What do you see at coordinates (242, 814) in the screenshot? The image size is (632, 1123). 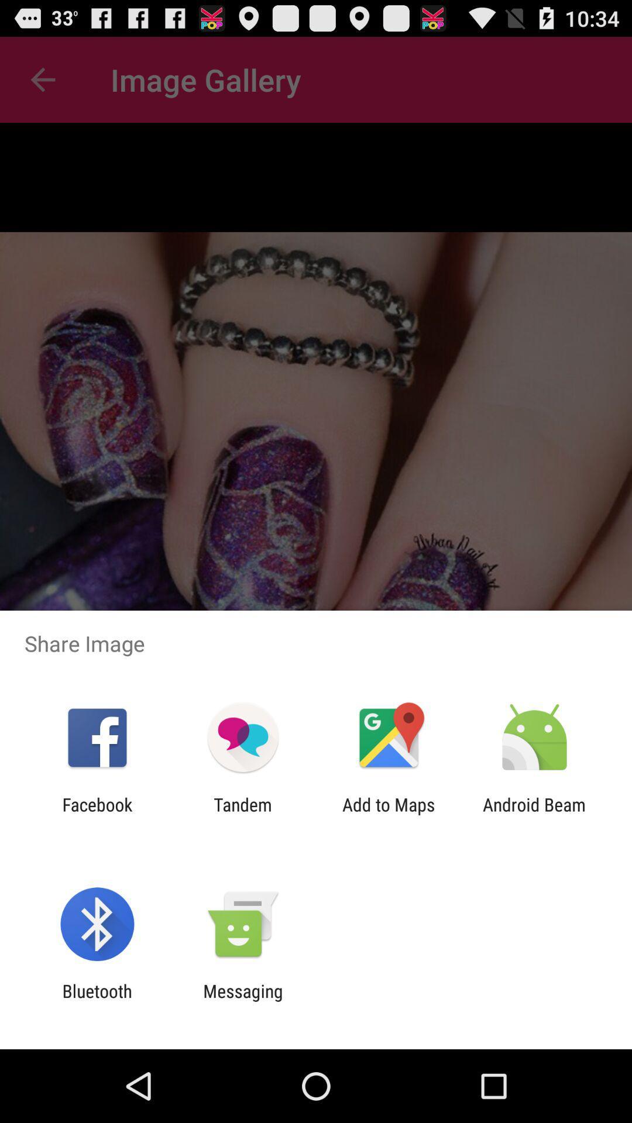 I see `tandem item` at bounding box center [242, 814].